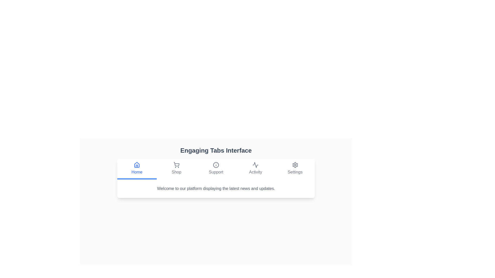 This screenshot has height=278, width=495. Describe the element at coordinates (216, 169) in the screenshot. I see `the 'Support' tab in the navigation bar` at that location.